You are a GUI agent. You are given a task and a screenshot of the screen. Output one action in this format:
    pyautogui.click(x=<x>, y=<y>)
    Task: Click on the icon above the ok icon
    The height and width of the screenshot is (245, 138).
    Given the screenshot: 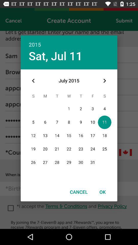 What is the action you would take?
    pyautogui.click(x=104, y=81)
    